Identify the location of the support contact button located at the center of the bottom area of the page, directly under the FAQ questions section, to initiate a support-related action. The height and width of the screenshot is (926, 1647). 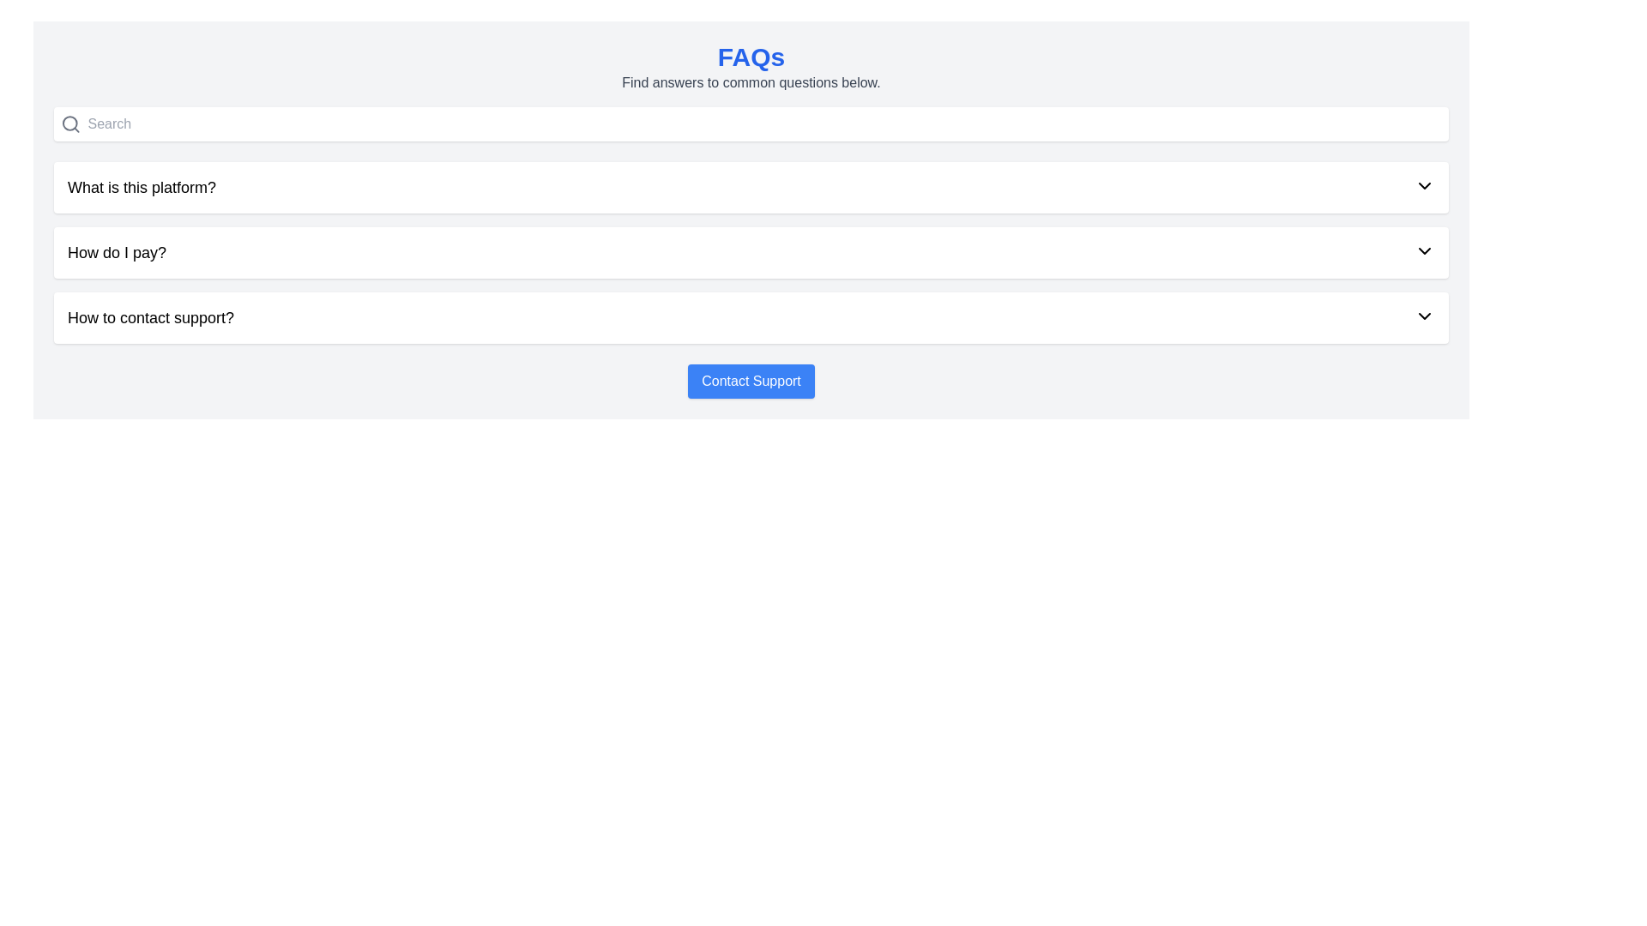
(751, 380).